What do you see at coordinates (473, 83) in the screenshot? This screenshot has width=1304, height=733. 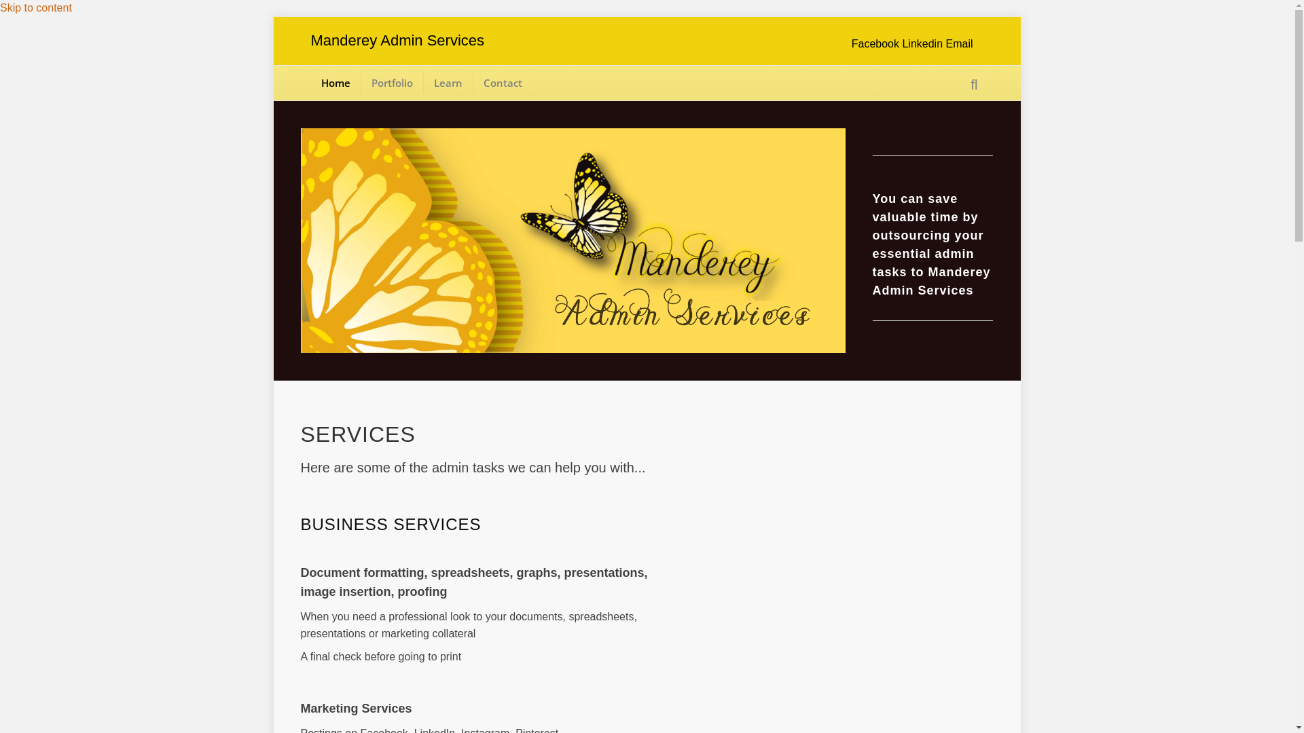 I see `'Contact'` at bounding box center [473, 83].